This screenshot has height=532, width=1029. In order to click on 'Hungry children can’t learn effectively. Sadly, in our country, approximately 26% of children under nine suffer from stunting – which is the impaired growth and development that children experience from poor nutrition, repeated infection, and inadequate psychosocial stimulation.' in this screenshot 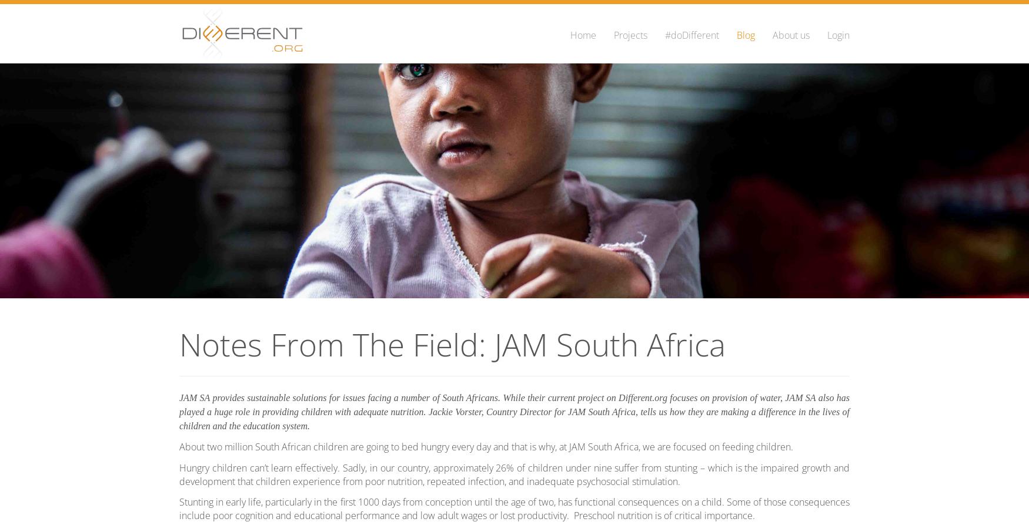, I will do `click(514, 474)`.